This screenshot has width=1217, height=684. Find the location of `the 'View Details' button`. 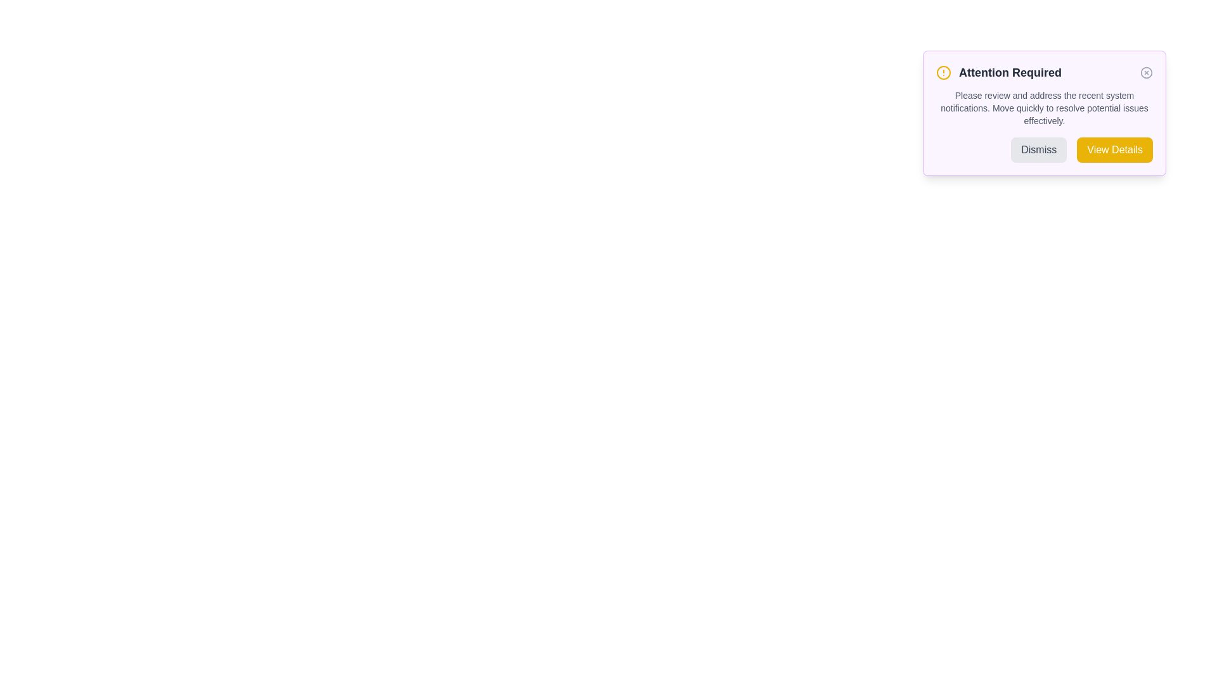

the 'View Details' button is located at coordinates (1114, 149).